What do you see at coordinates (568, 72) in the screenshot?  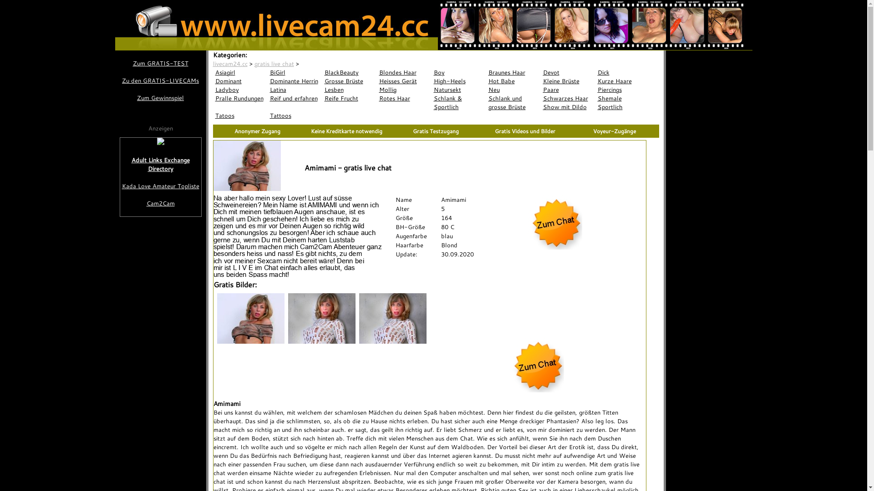 I see `'Devot'` at bounding box center [568, 72].